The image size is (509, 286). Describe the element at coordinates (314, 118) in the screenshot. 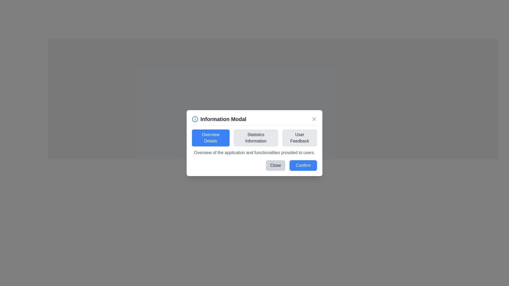

I see `the 'close' button with an icon located to the right of the 'Information Modal' header` at that location.